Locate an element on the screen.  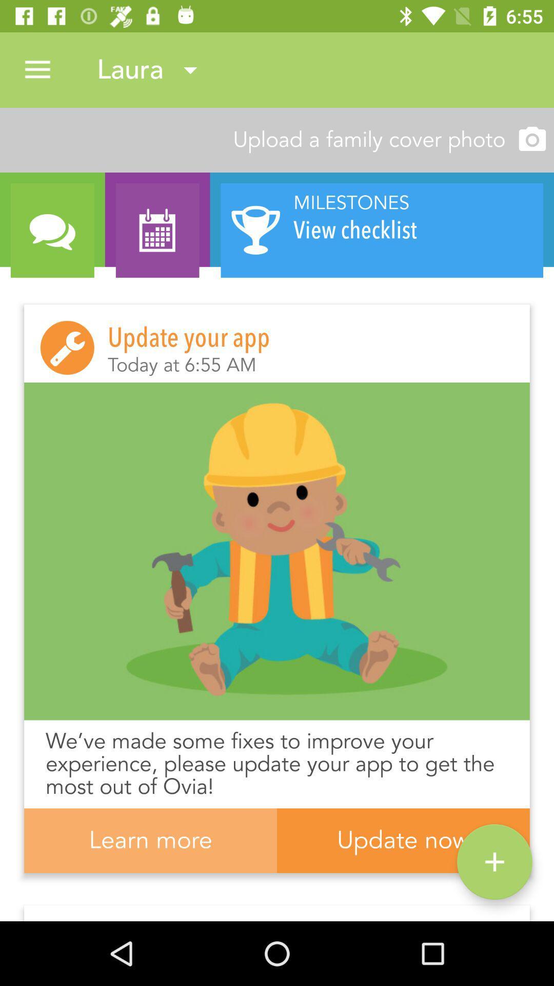
icon to the right of the learn more item is located at coordinates (494, 862).